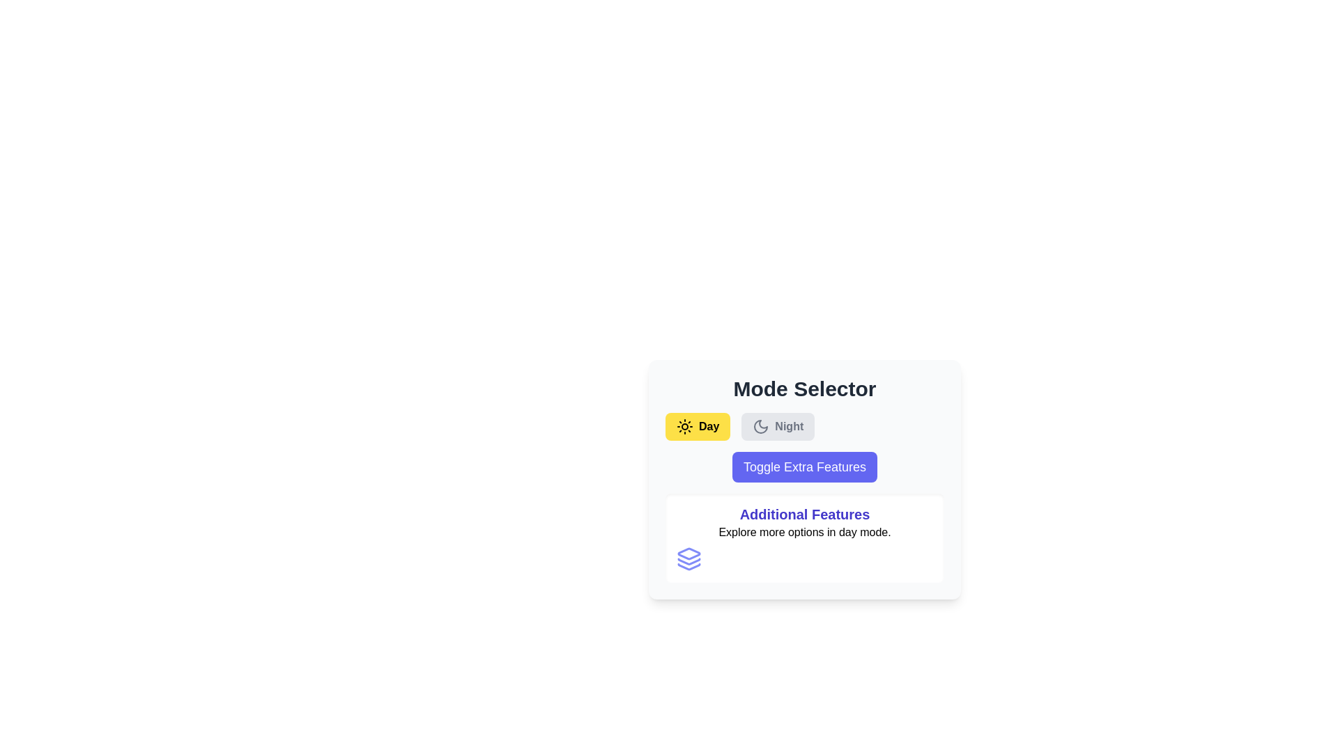  I want to click on the sun icon within the 'Day' button, so click(685, 426).